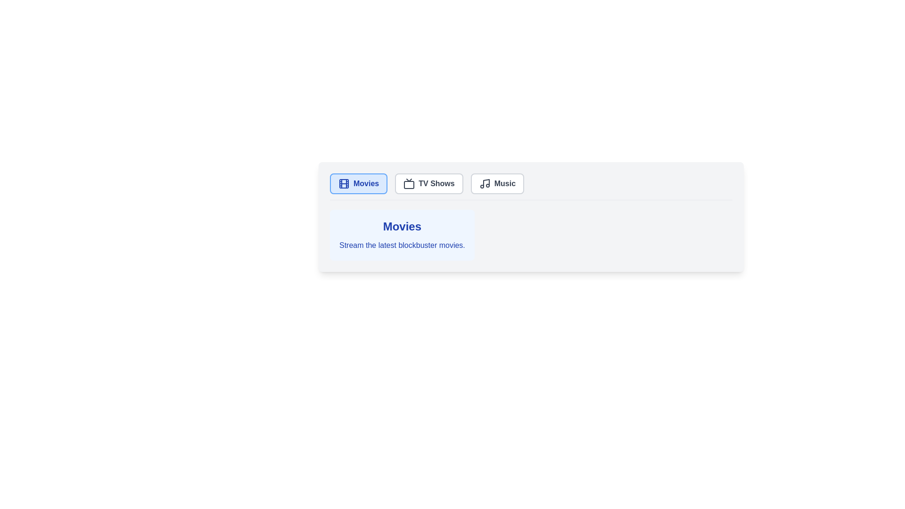 This screenshot has width=905, height=509. What do you see at coordinates (343, 183) in the screenshot?
I see `the 'Movies' navigation button icon` at bounding box center [343, 183].